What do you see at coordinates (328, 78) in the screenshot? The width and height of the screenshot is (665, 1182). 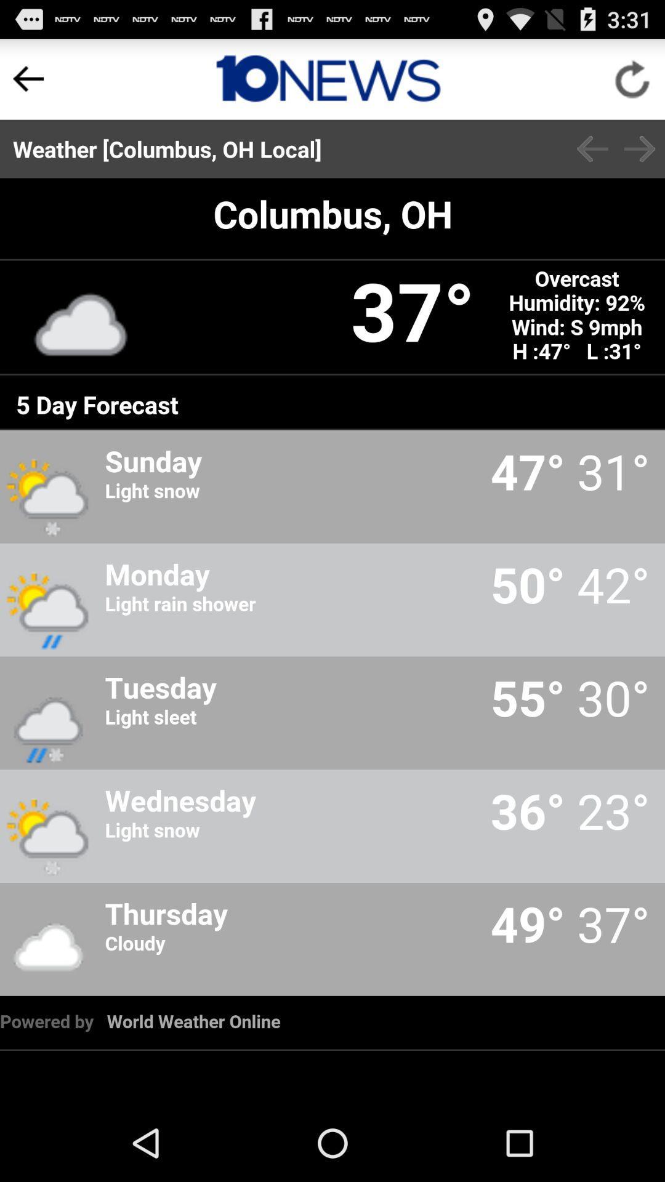 I see `to advertisement box` at bounding box center [328, 78].